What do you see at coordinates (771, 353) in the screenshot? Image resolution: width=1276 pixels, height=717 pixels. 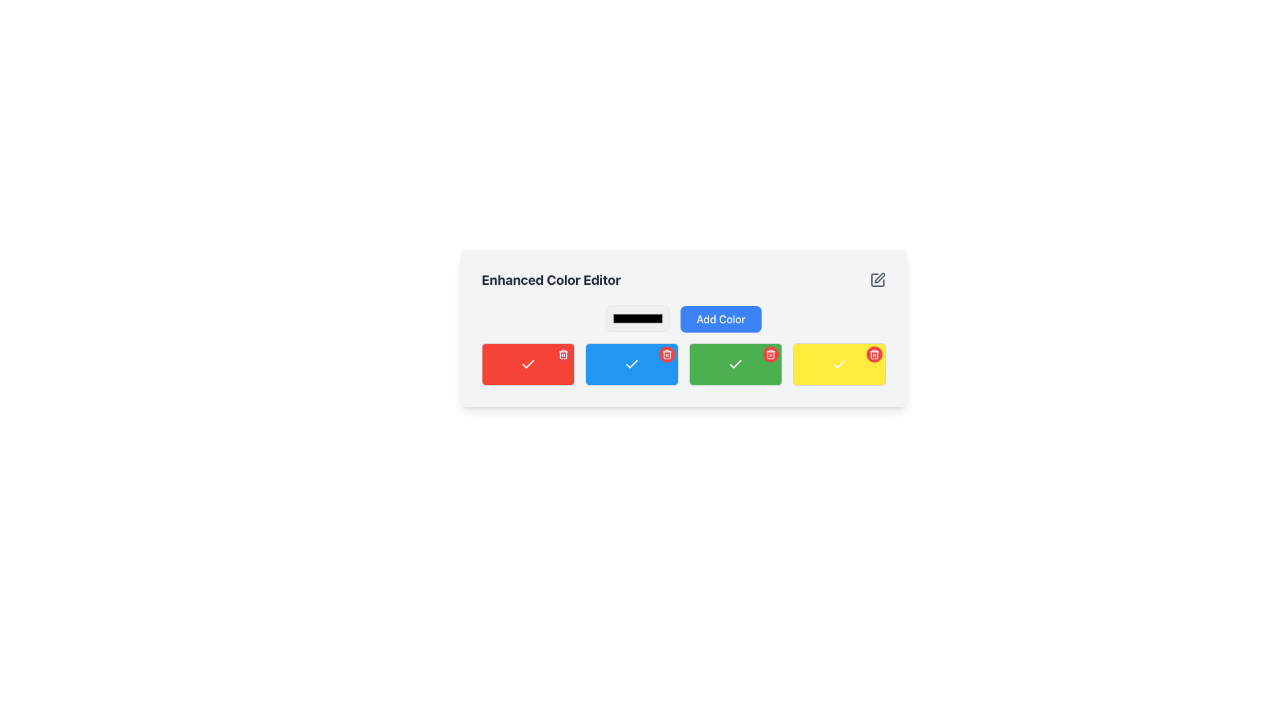 I see `the delete button located in the top-right corner of the green box` at bounding box center [771, 353].